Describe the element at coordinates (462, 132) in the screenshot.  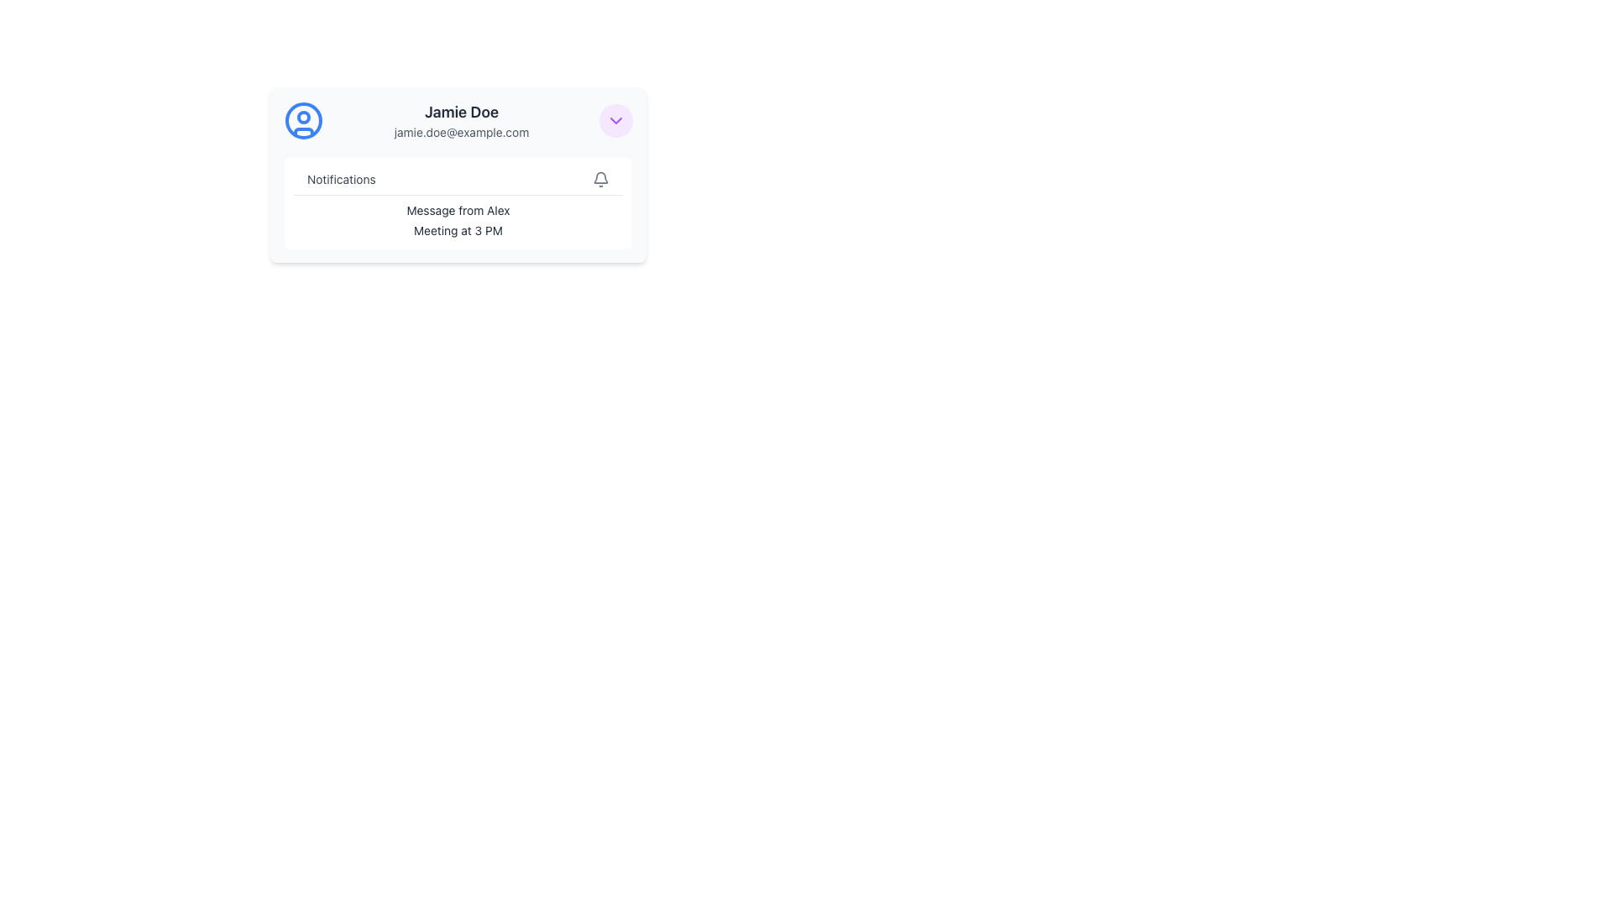
I see `the text label displaying 'jamie.doe@example.com', which is positioned directly below the name 'Jamie Doe' in a card or panel interface` at that location.